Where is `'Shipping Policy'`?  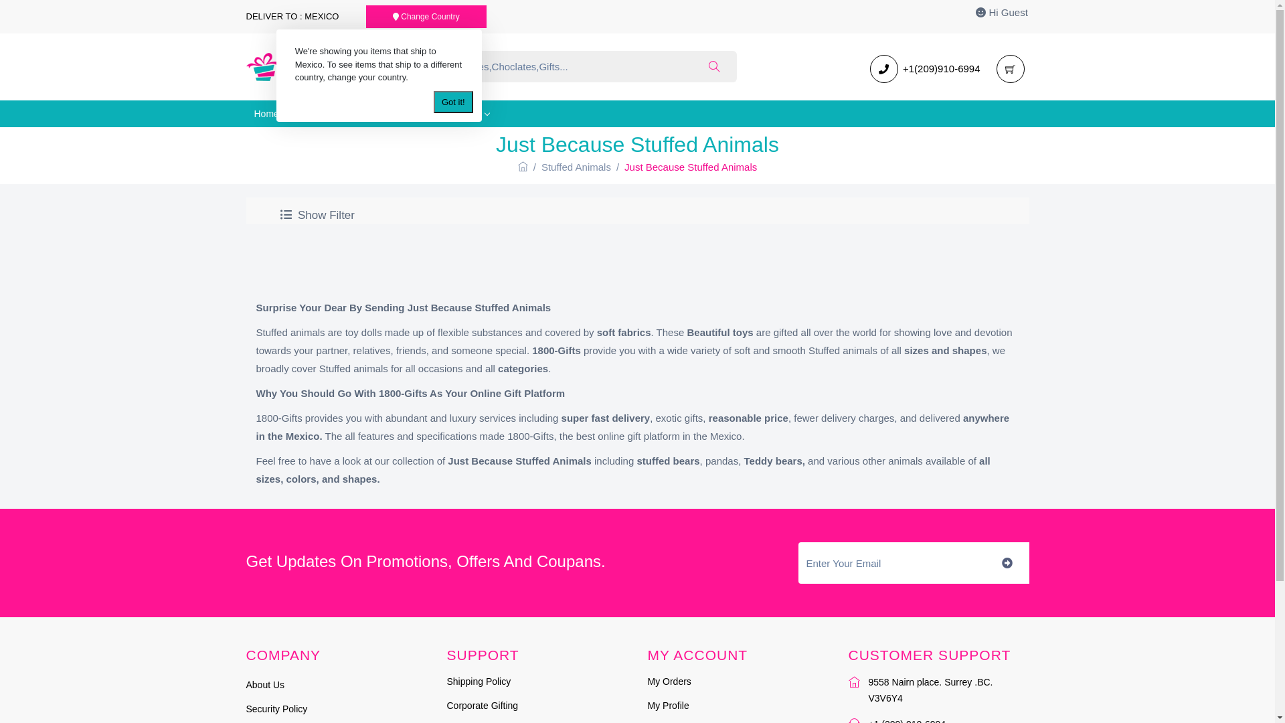 'Shipping Policy' is located at coordinates (479, 681).